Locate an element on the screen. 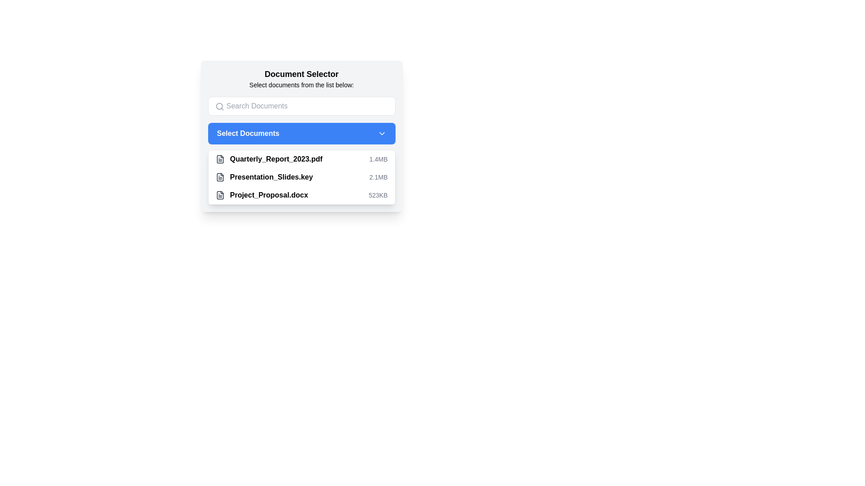  the third list item in the file selector is located at coordinates (301, 195).